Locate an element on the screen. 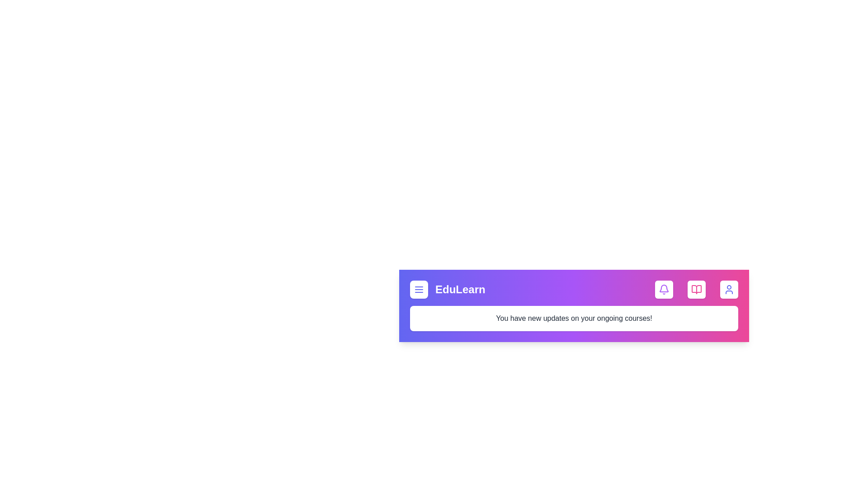  the icon labeled Courses to observe its hover effect is located at coordinates (696, 289).